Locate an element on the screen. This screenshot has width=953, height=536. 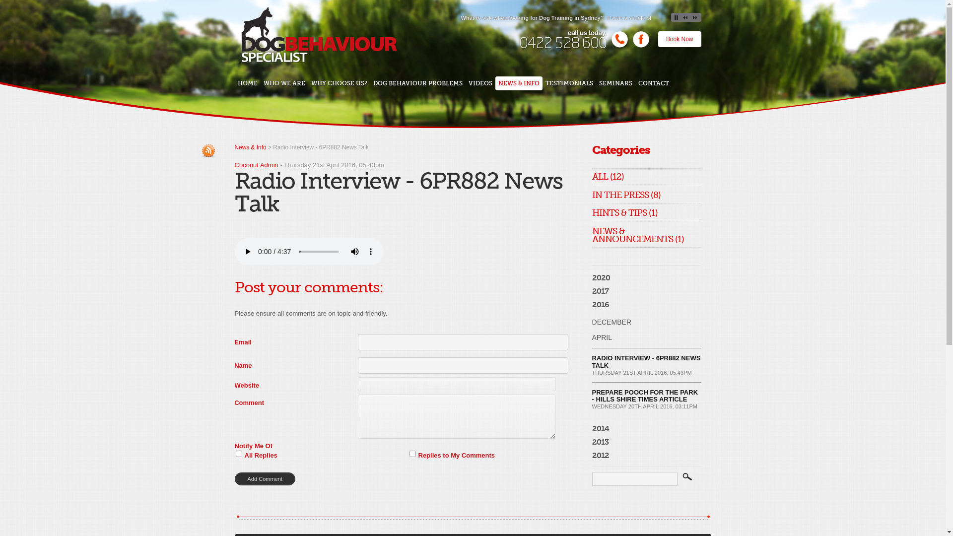
'News & Info' is located at coordinates (250, 147).